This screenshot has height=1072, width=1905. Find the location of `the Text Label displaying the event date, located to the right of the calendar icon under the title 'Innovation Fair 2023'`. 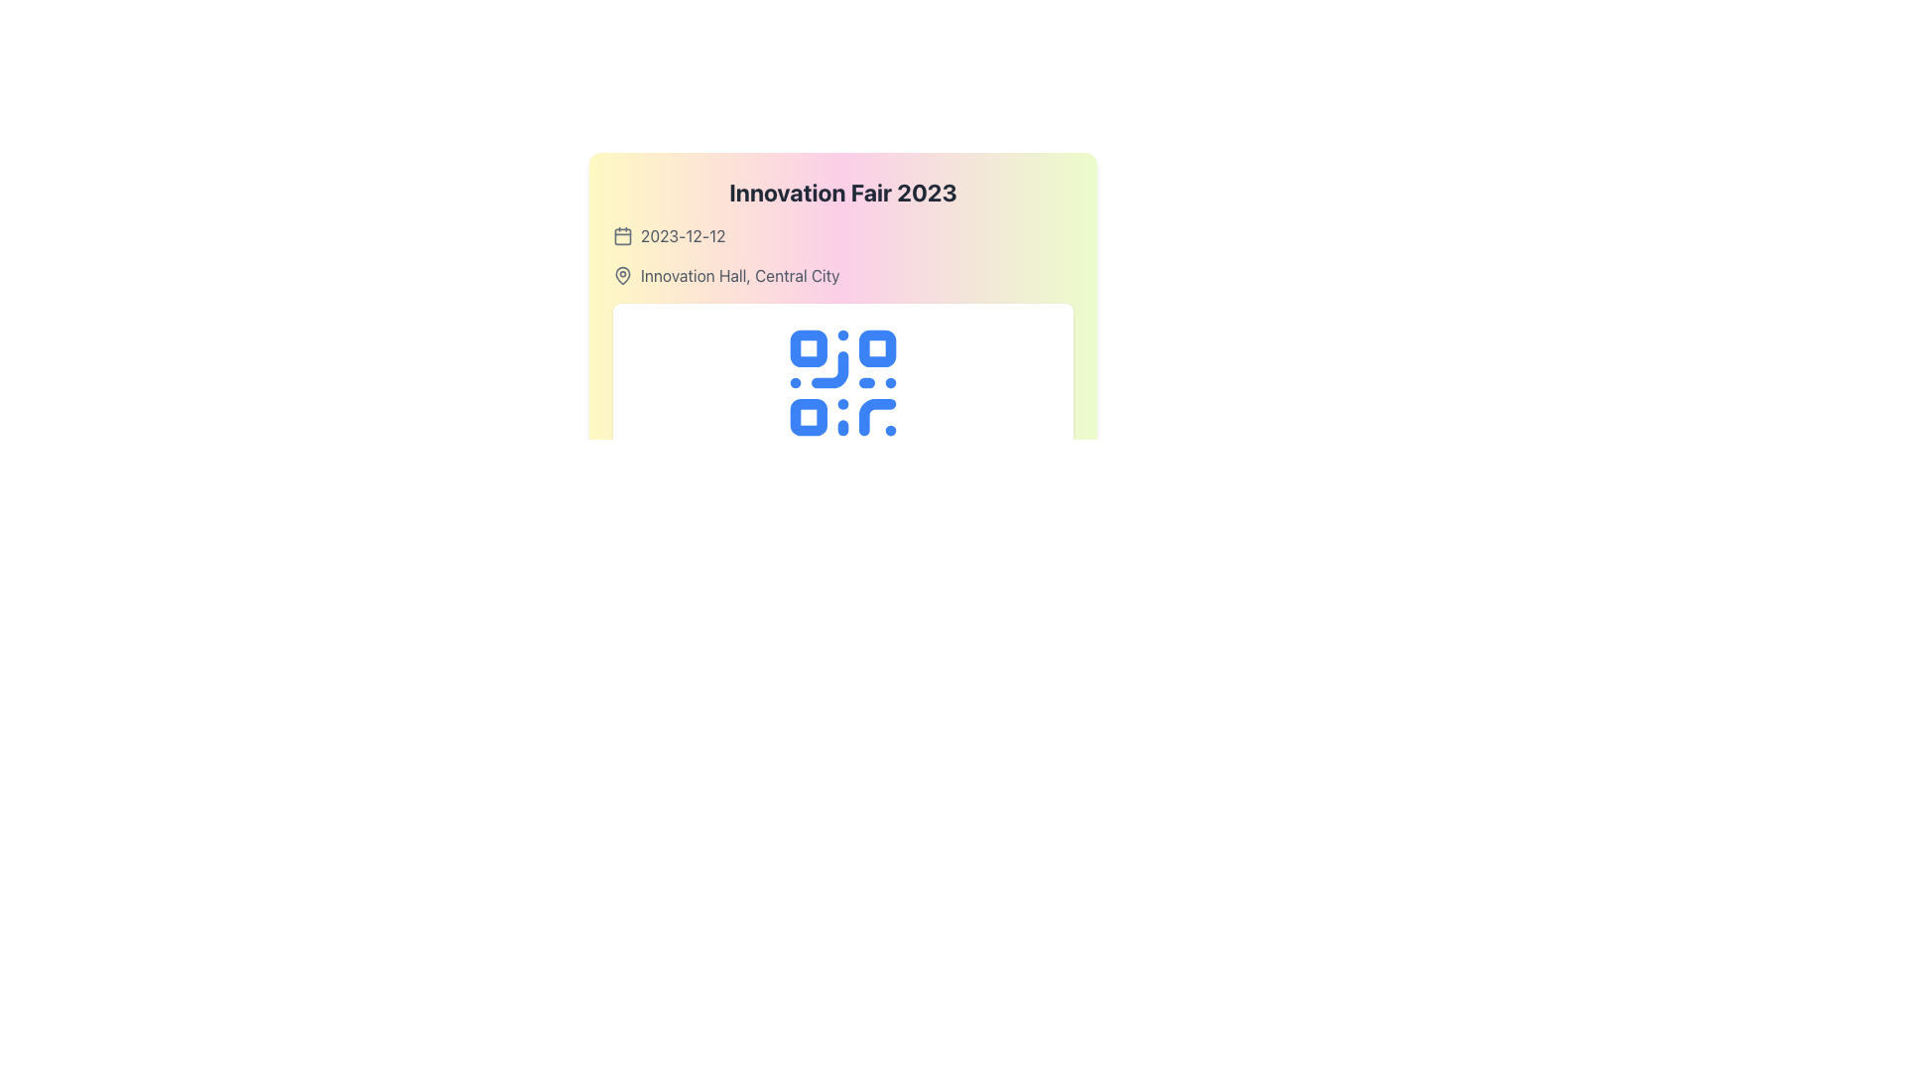

the Text Label displaying the event date, located to the right of the calendar icon under the title 'Innovation Fair 2023' is located at coordinates (683, 235).